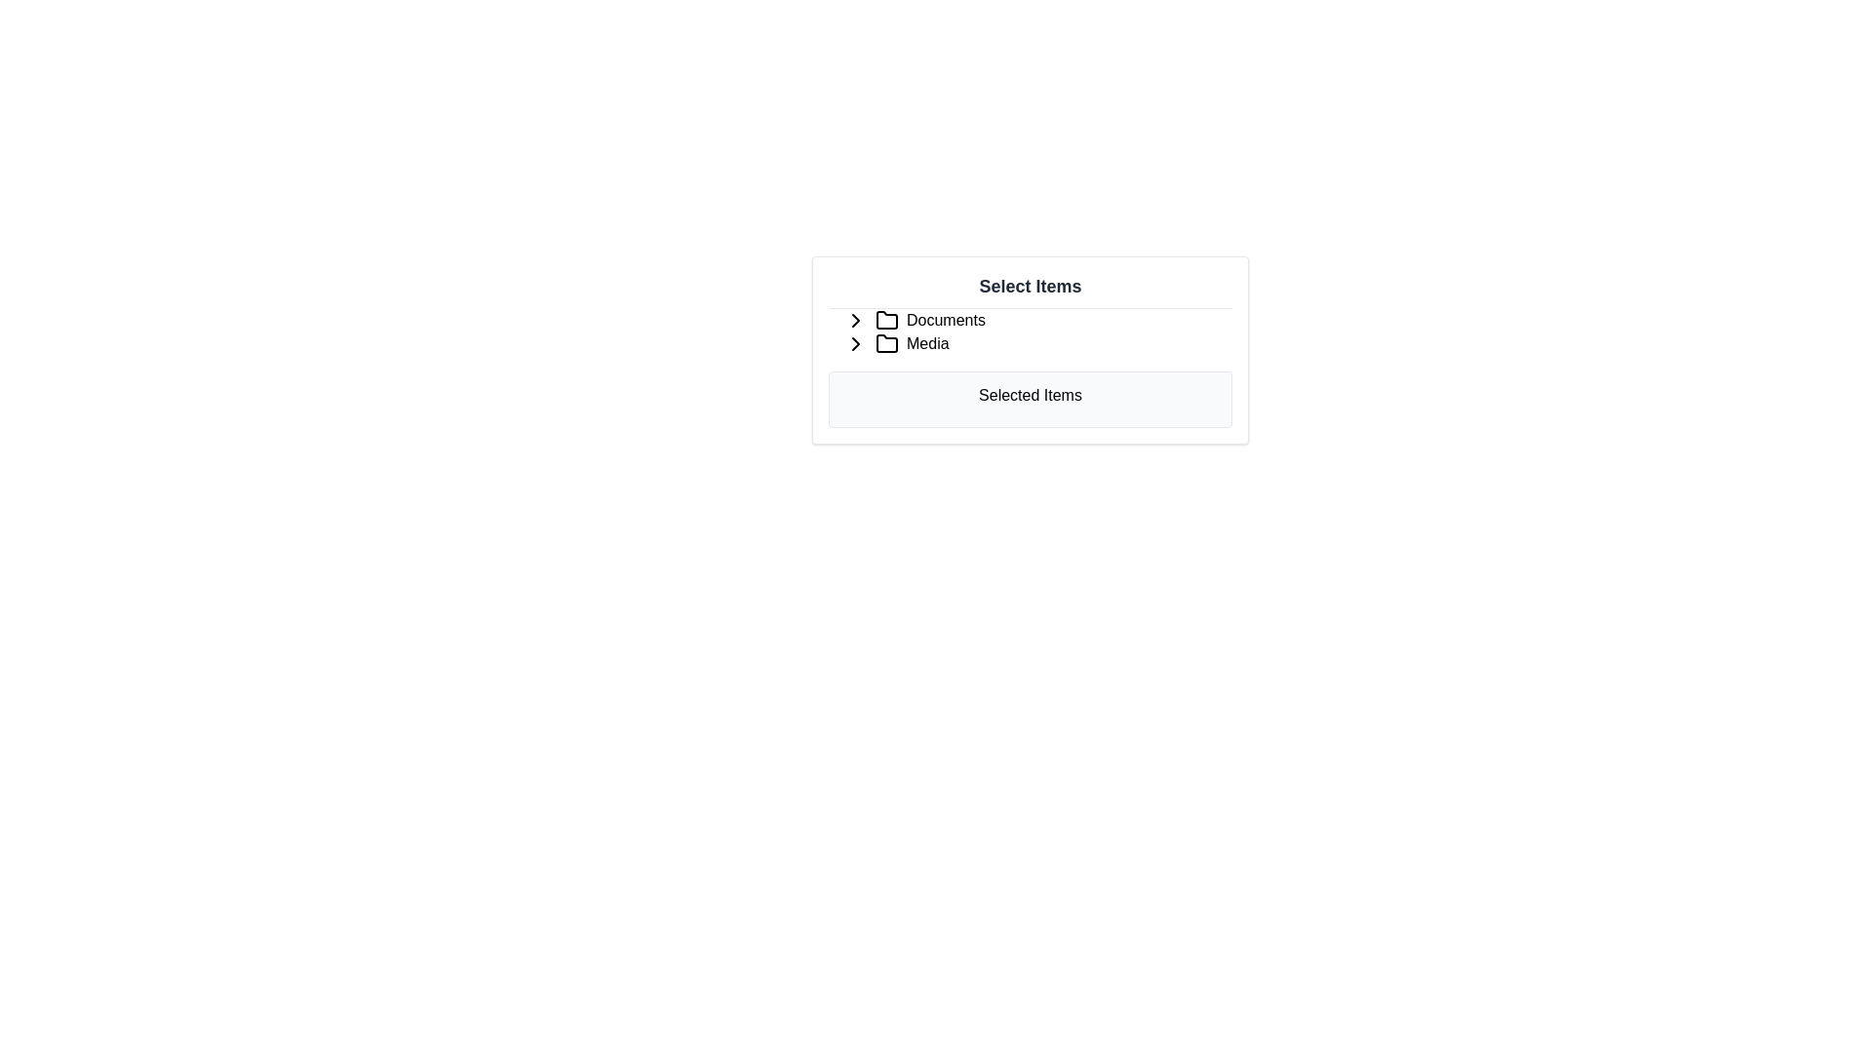 This screenshot has height=1053, width=1872. What do you see at coordinates (886, 343) in the screenshot?
I see `the folder icon located to the left of the 'Media' label and to the right of the arrow icon` at bounding box center [886, 343].